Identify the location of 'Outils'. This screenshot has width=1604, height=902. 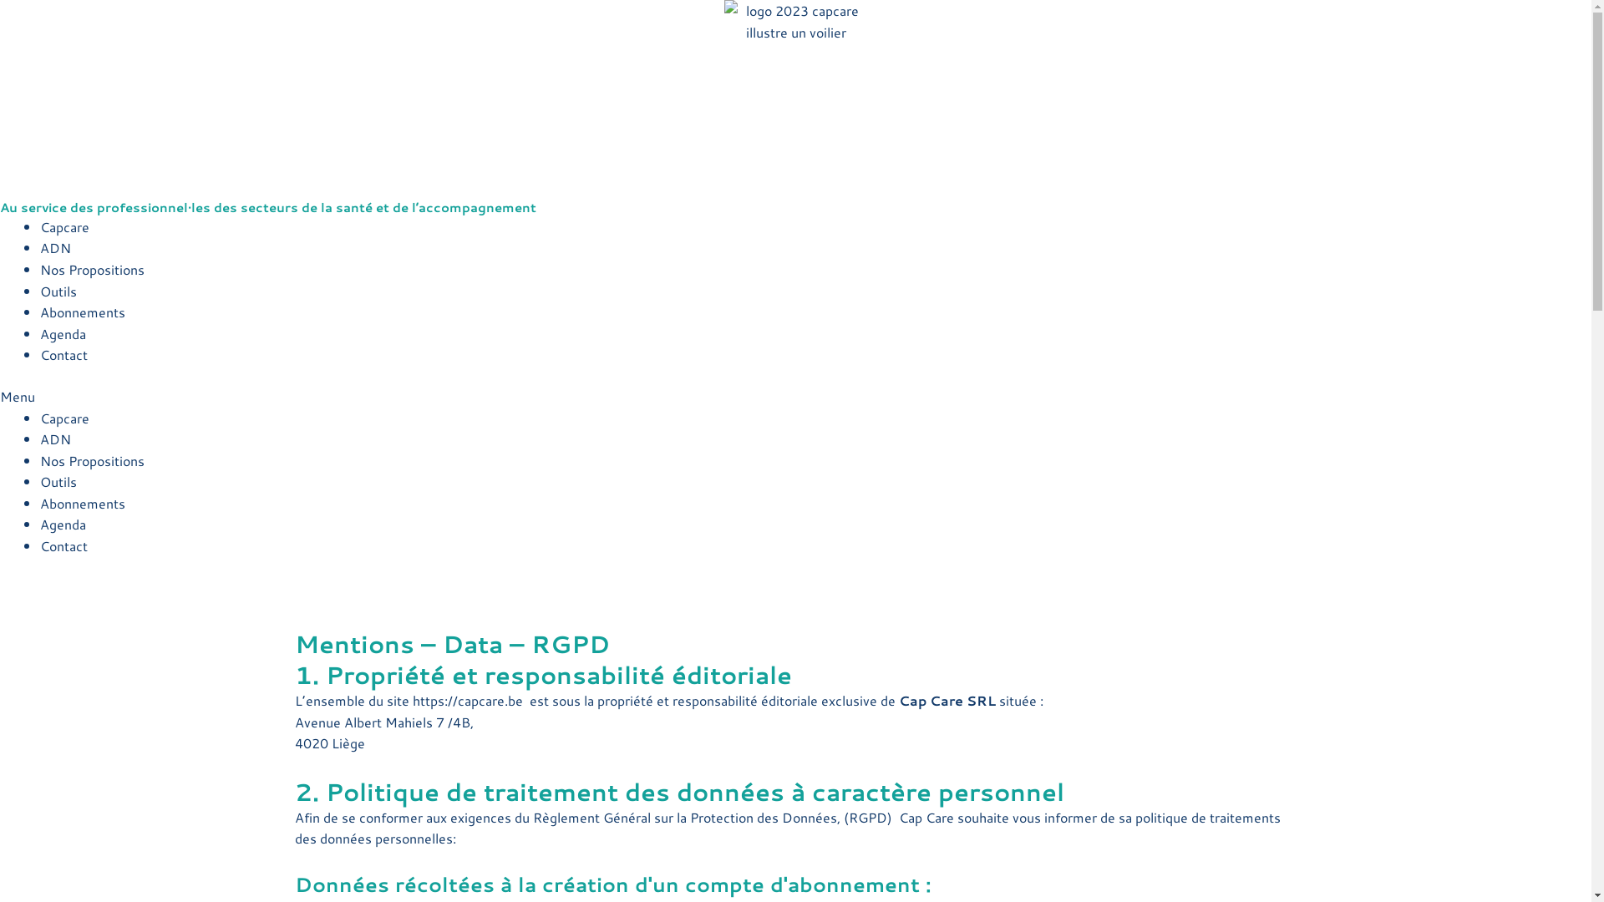
(58, 290).